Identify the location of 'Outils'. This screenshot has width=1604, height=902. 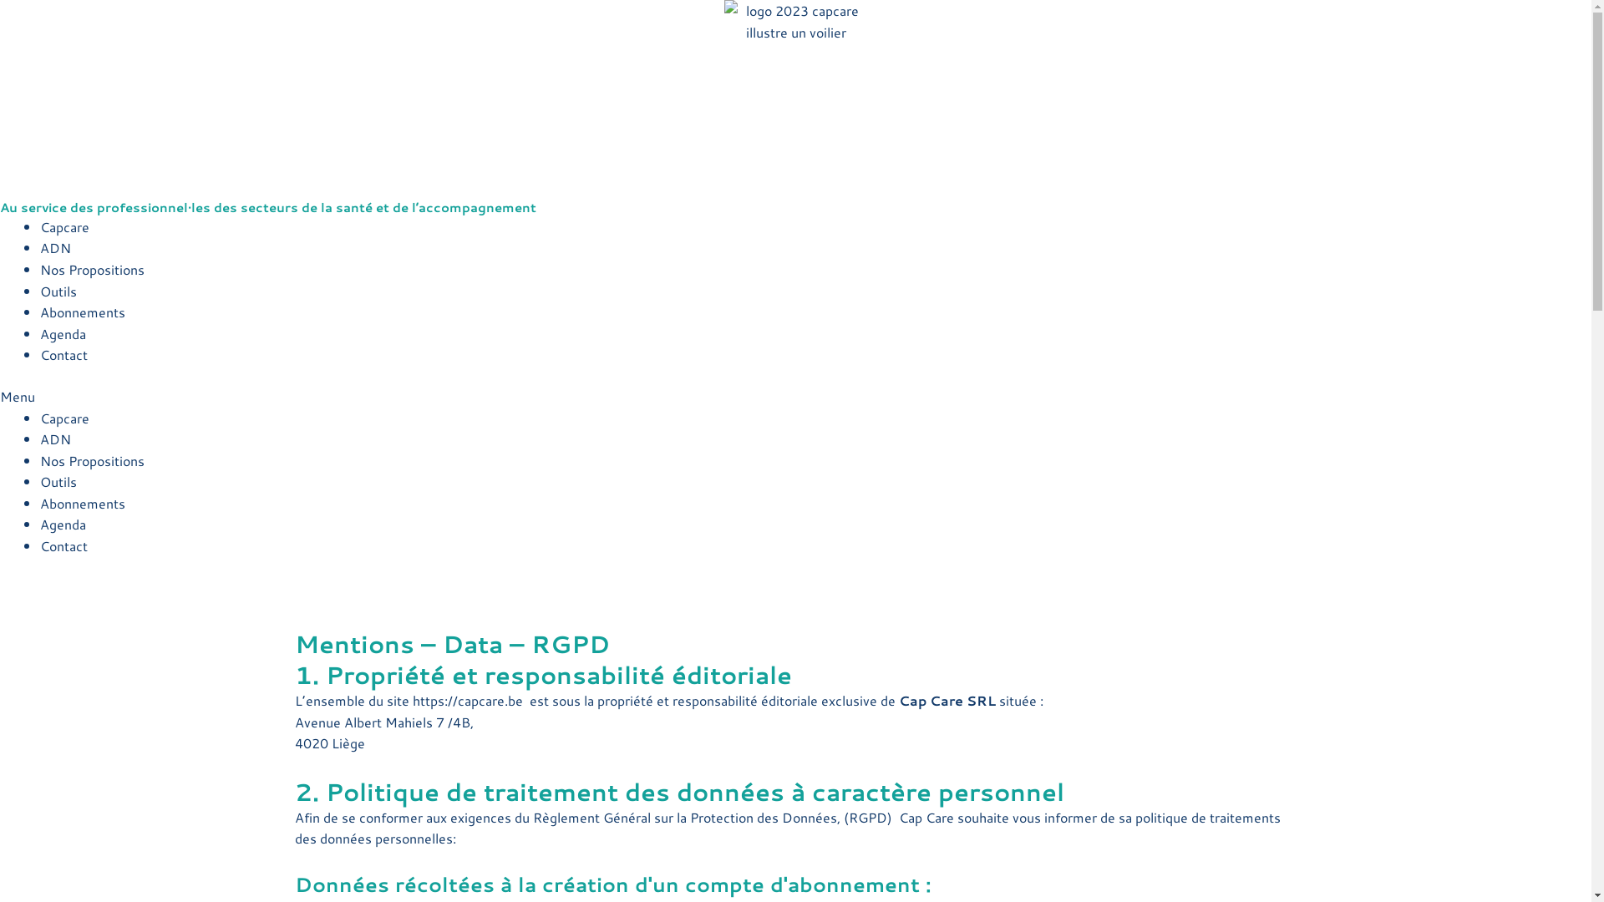
(58, 290).